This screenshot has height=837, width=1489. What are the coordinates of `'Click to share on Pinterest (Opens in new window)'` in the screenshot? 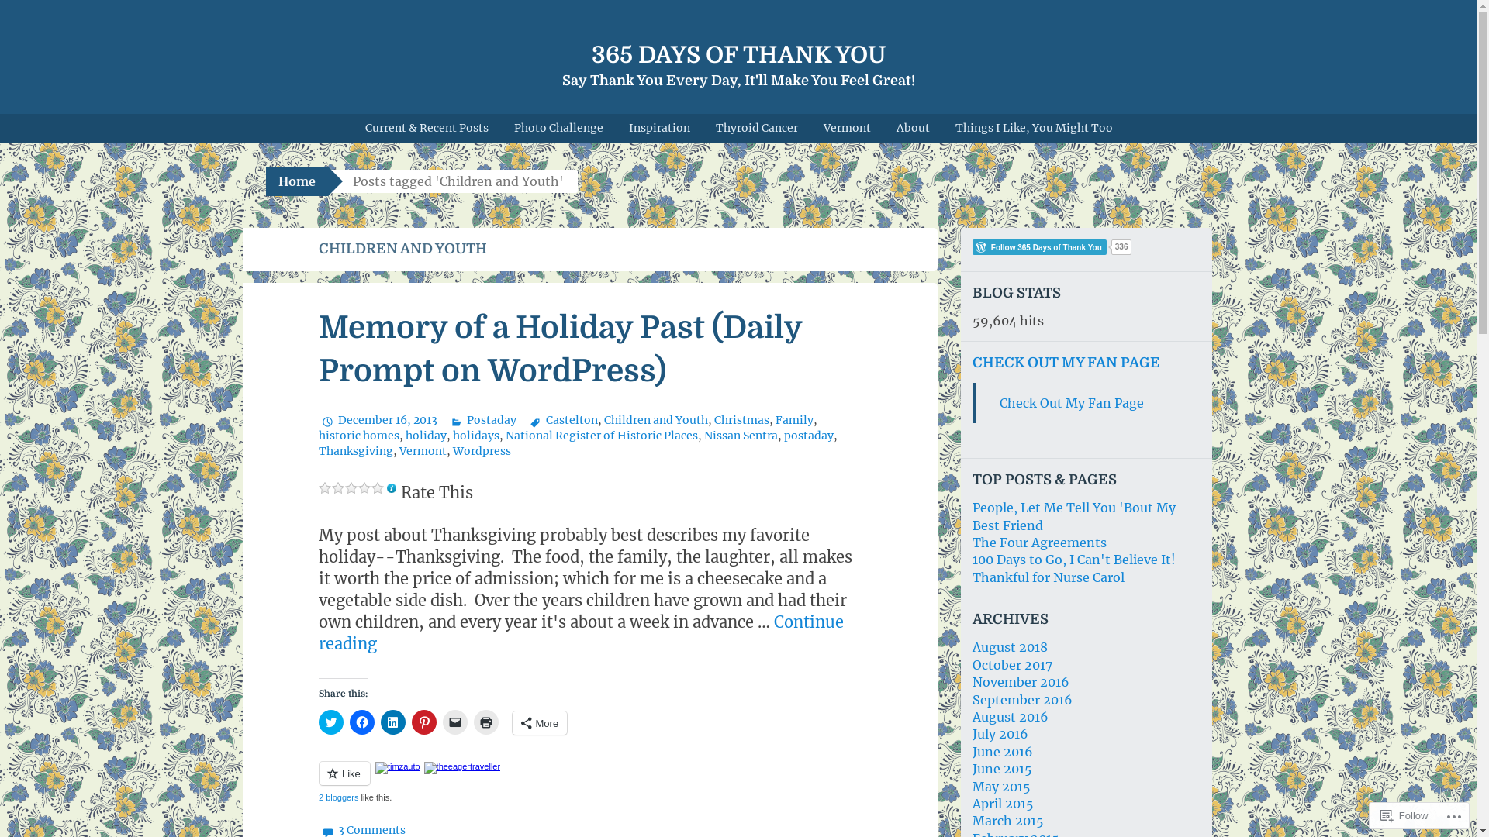 It's located at (423, 722).